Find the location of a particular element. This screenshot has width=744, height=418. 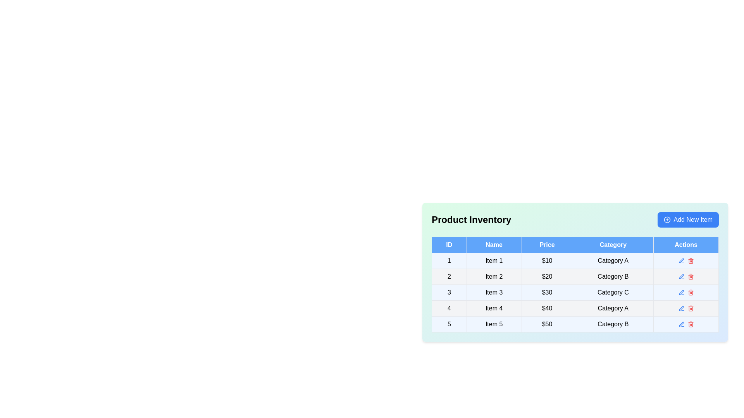

the static text displaying '$40' located in the fourth row under the 'Price' column of the 'Product Inventory' table is located at coordinates (546, 308).